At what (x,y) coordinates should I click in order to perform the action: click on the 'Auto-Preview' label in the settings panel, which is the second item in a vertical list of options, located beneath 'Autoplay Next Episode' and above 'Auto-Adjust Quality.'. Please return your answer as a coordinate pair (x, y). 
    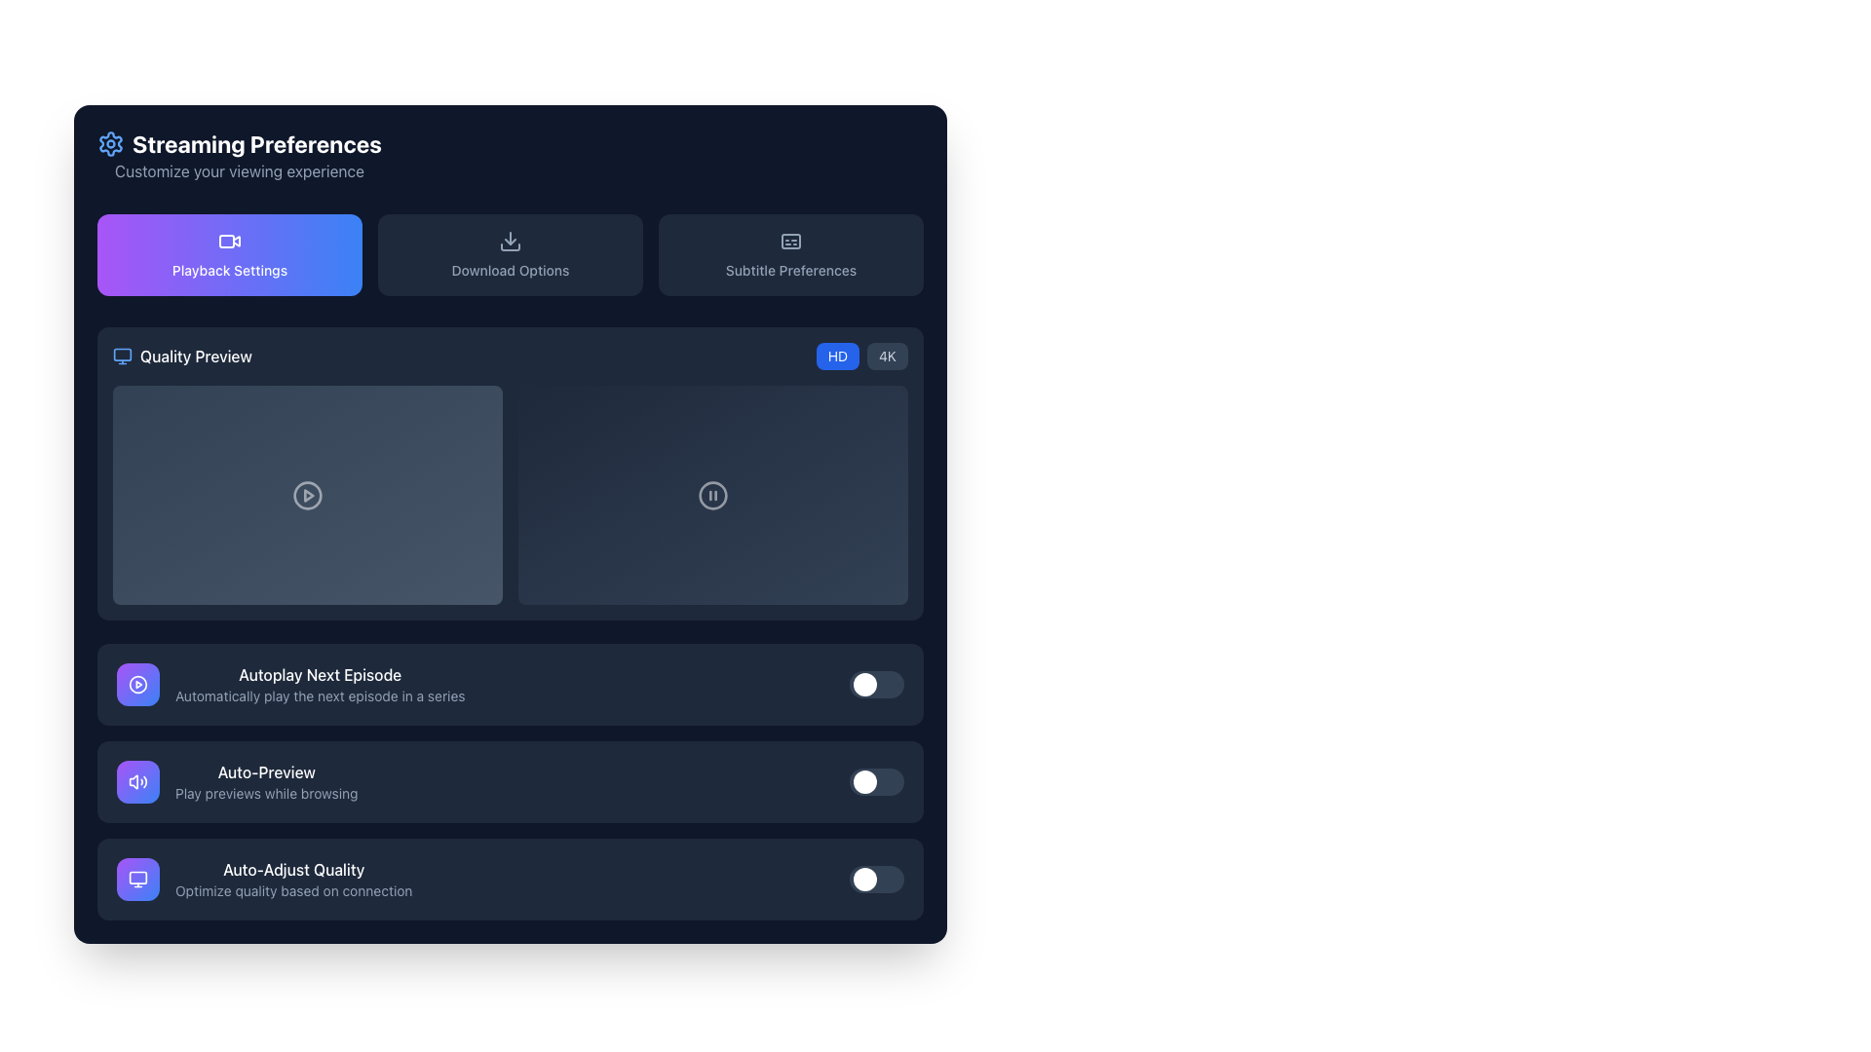
    Looking at the image, I should click on (236, 780).